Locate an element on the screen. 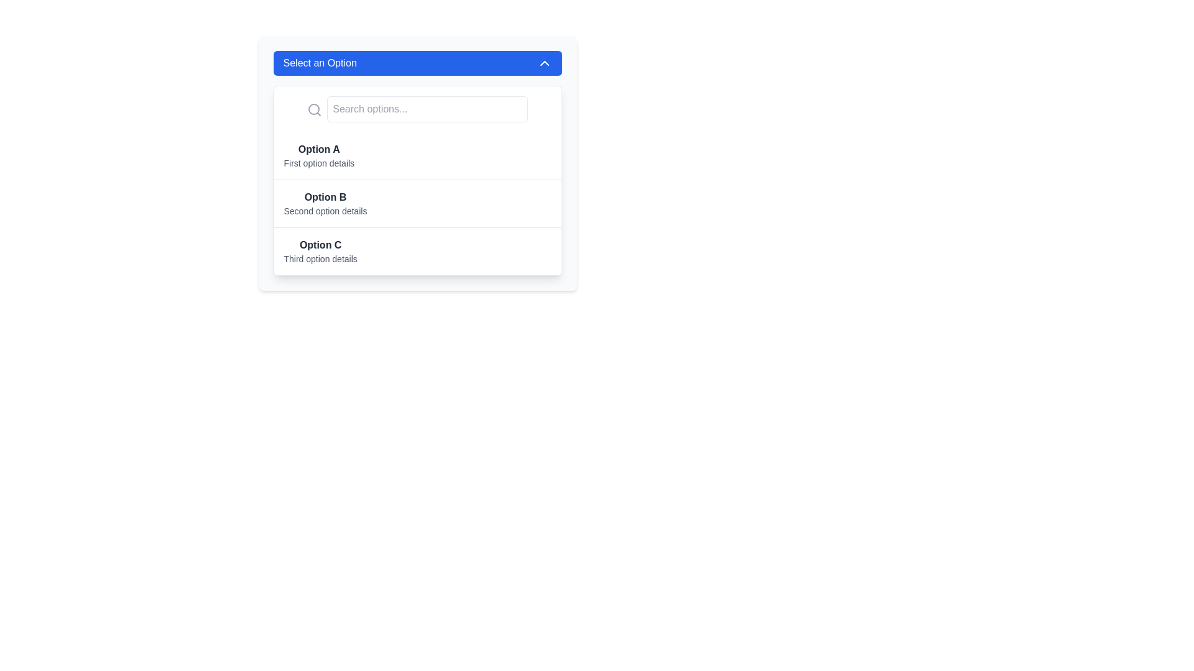  the list item labeled 'Option C', which is the third item in the vertical list is located at coordinates (417, 251).